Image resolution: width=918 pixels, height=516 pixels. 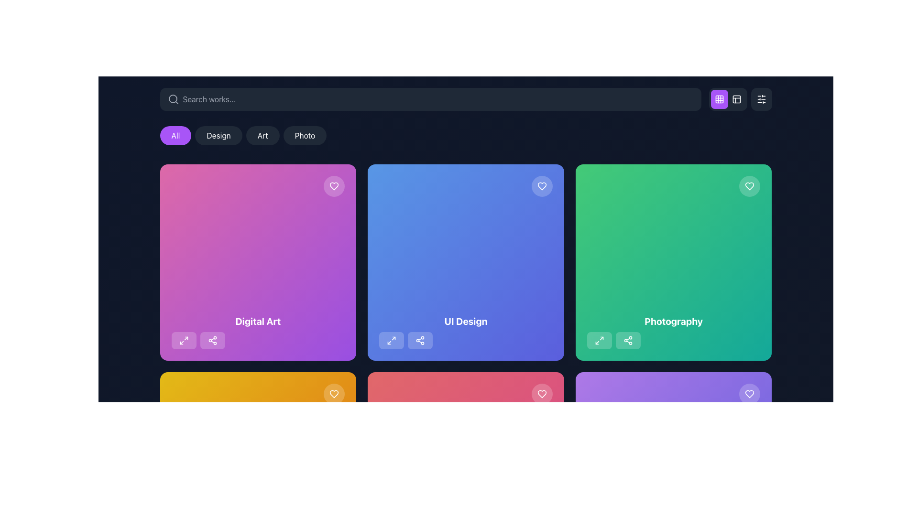 What do you see at coordinates (719, 99) in the screenshot?
I see `the grid layout view toggle icon button located in the top-right corner of the layout` at bounding box center [719, 99].